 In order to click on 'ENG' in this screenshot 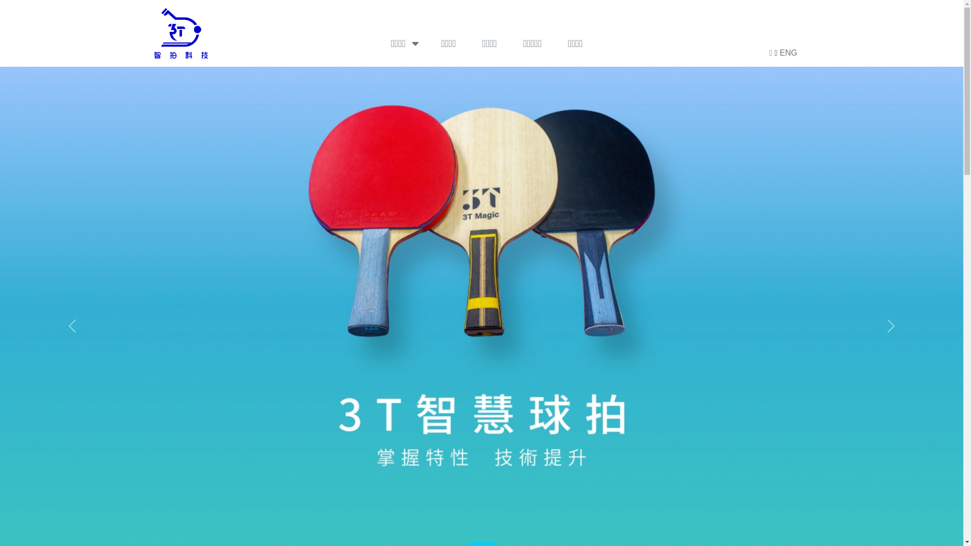, I will do `click(788, 53)`.